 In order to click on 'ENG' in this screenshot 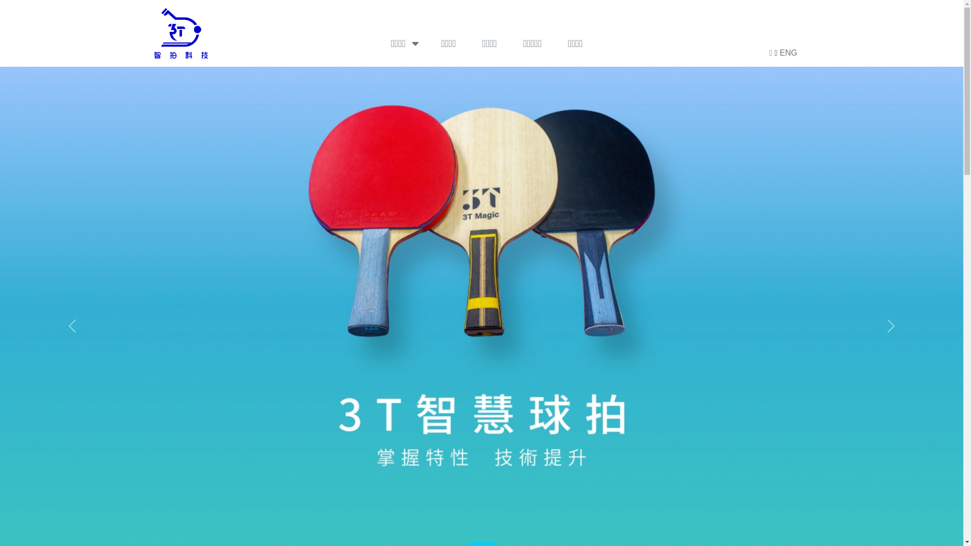, I will do `click(788, 53)`.